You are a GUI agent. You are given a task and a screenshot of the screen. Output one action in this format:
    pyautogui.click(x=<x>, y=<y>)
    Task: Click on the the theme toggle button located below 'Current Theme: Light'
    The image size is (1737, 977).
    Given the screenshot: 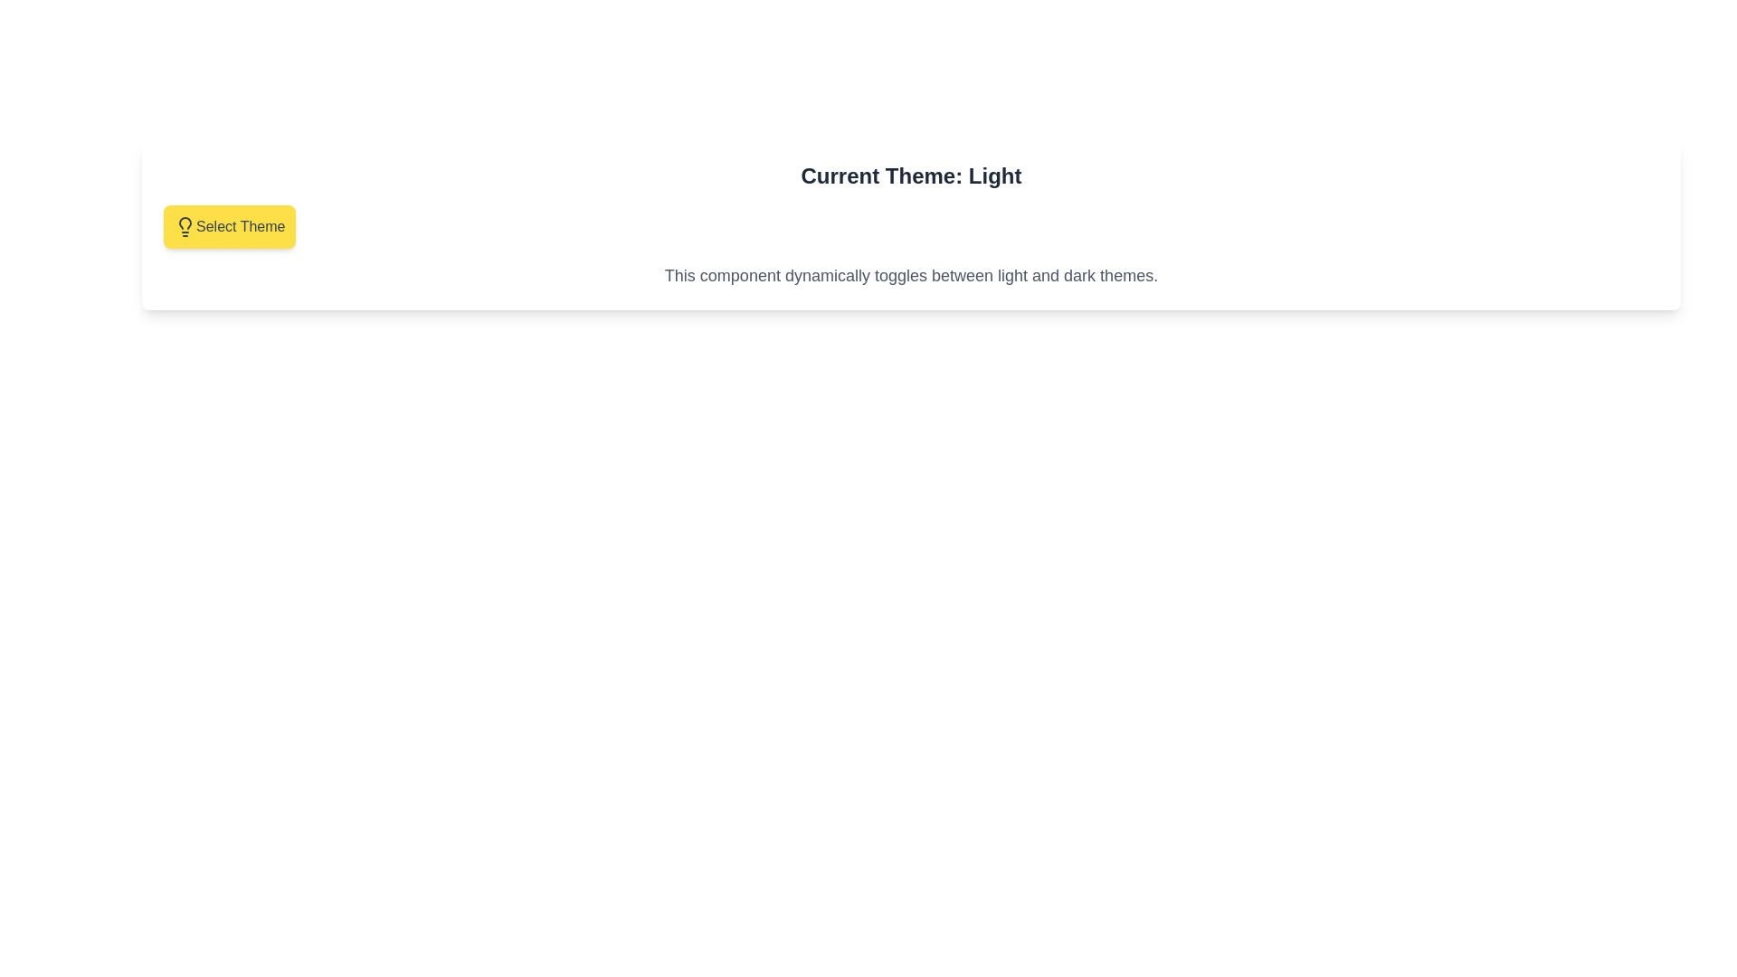 What is the action you would take?
    pyautogui.click(x=229, y=225)
    